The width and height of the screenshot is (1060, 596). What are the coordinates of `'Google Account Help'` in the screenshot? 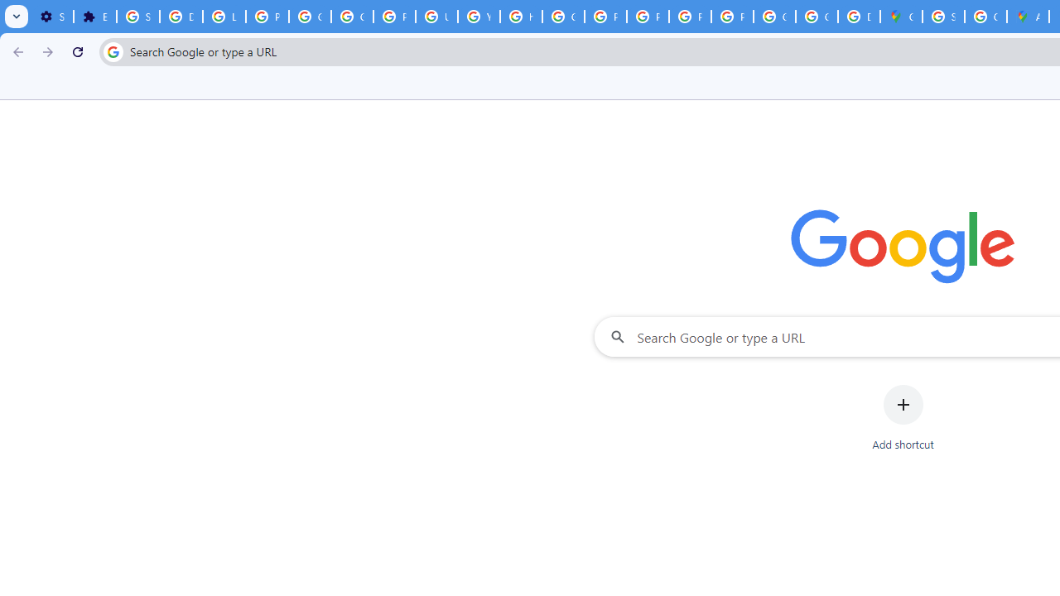 It's located at (350, 17).